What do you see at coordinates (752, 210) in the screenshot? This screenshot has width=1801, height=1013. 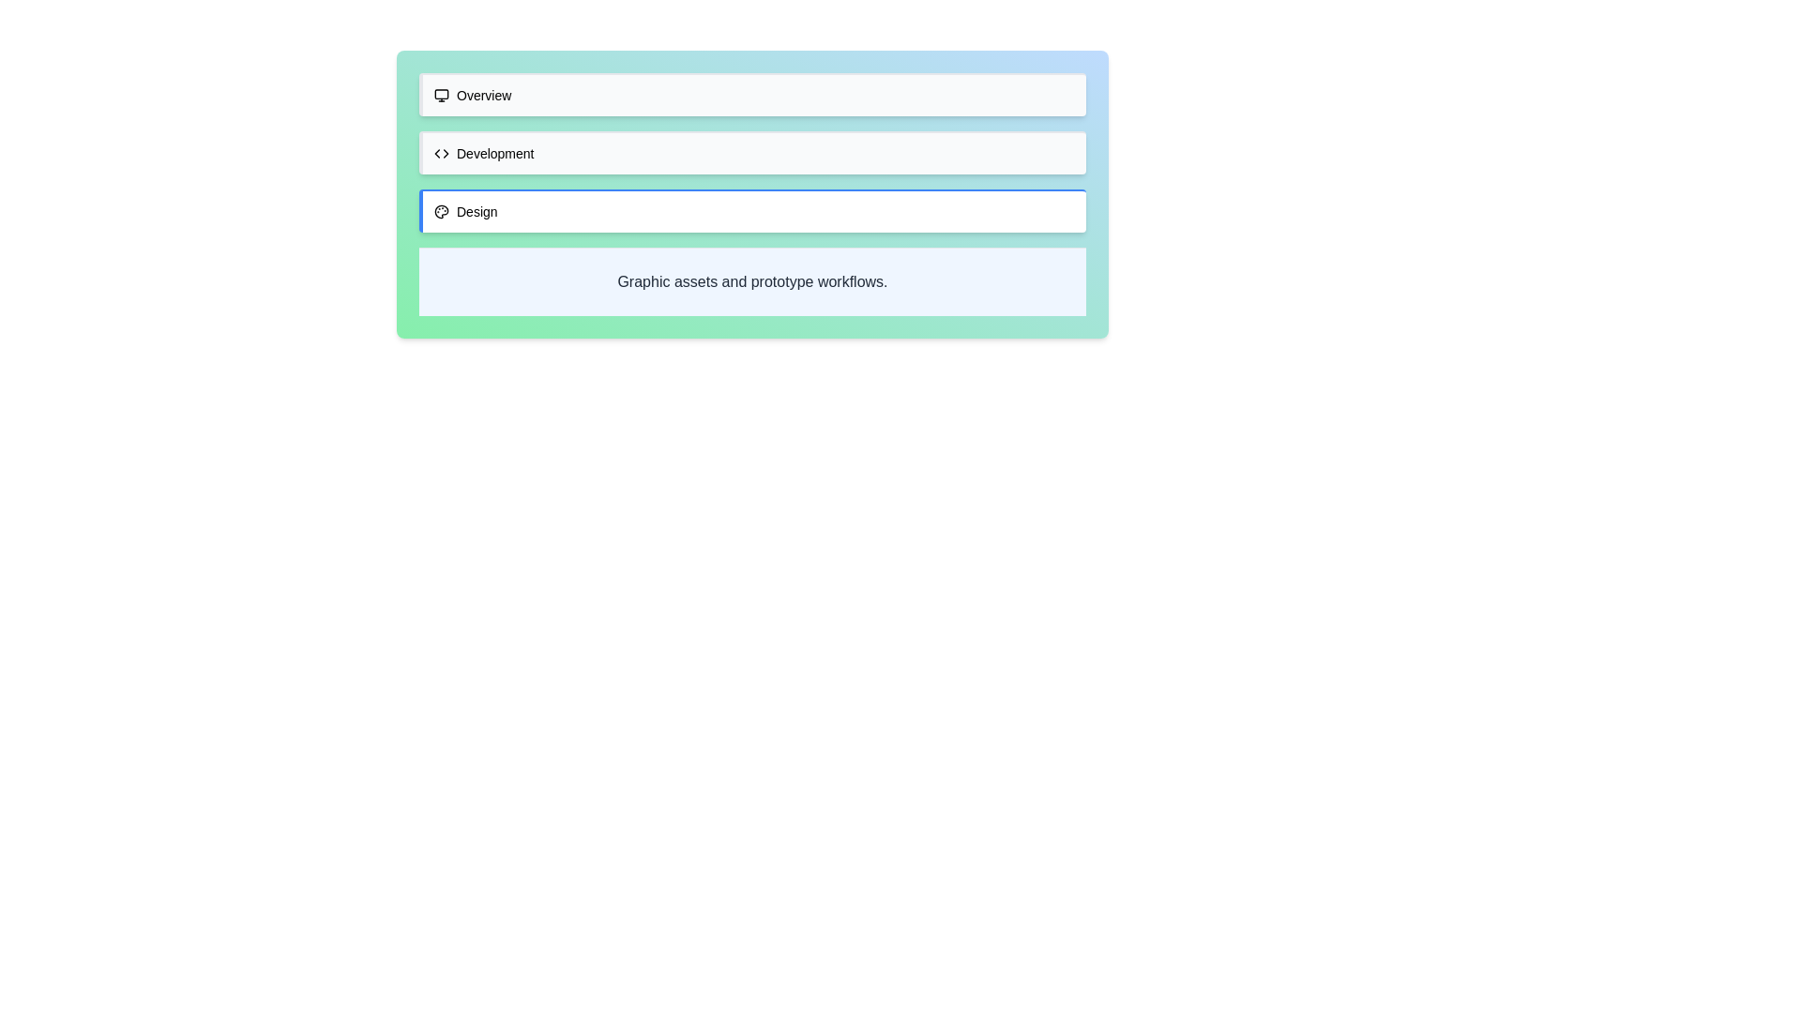 I see `the tab labeled Design to see its hover effect` at bounding box center [752, 210].